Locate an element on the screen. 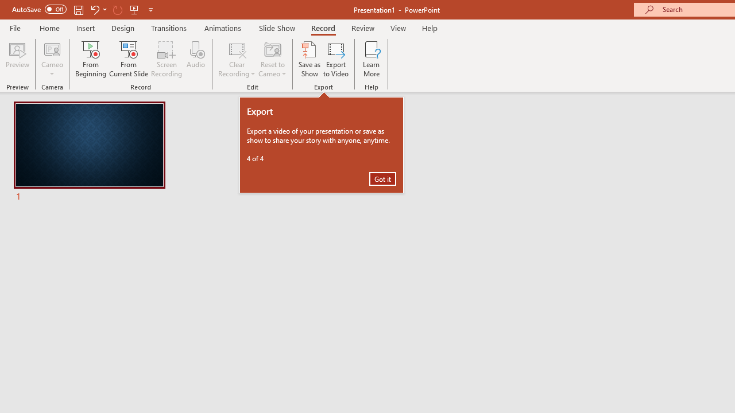  'View' is located at coordinates (398, 28).